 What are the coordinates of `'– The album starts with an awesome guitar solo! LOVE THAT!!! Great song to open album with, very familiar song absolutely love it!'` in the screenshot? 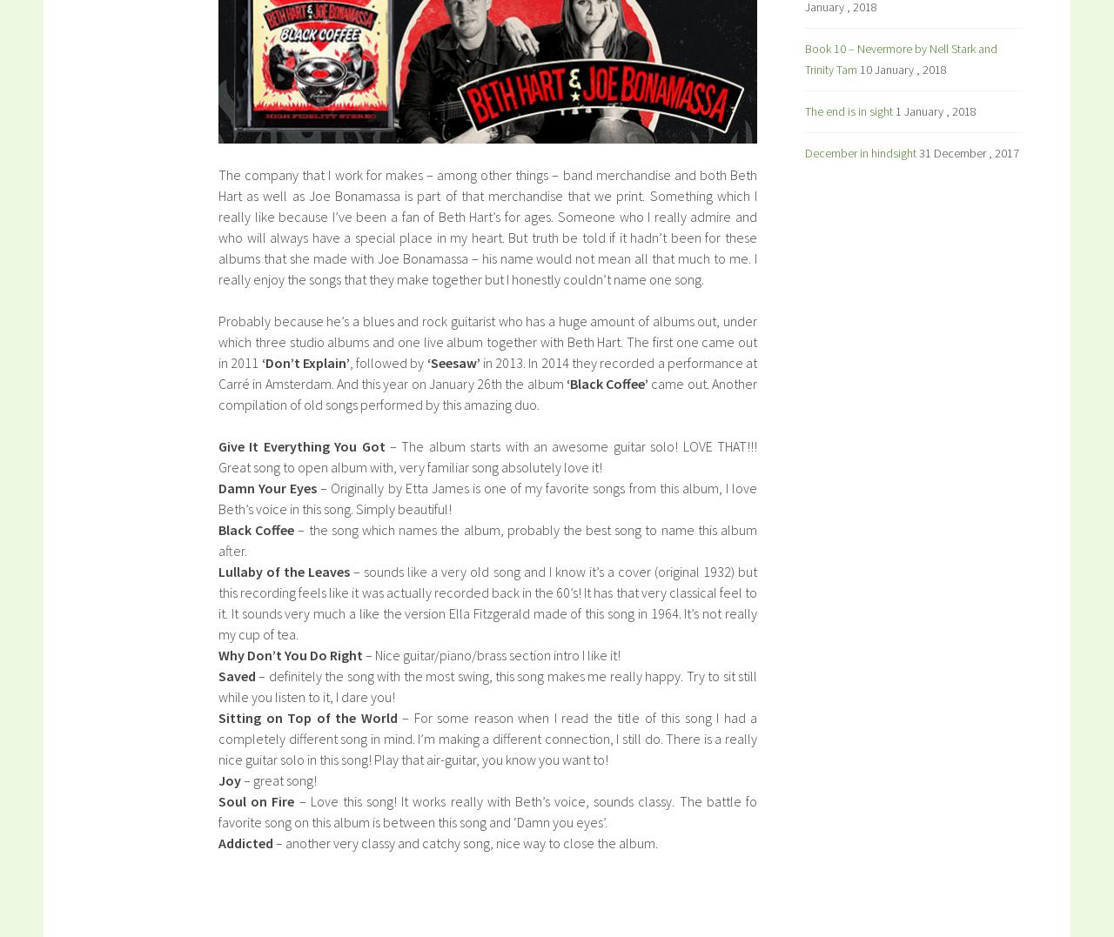 It's located at (487, 456).